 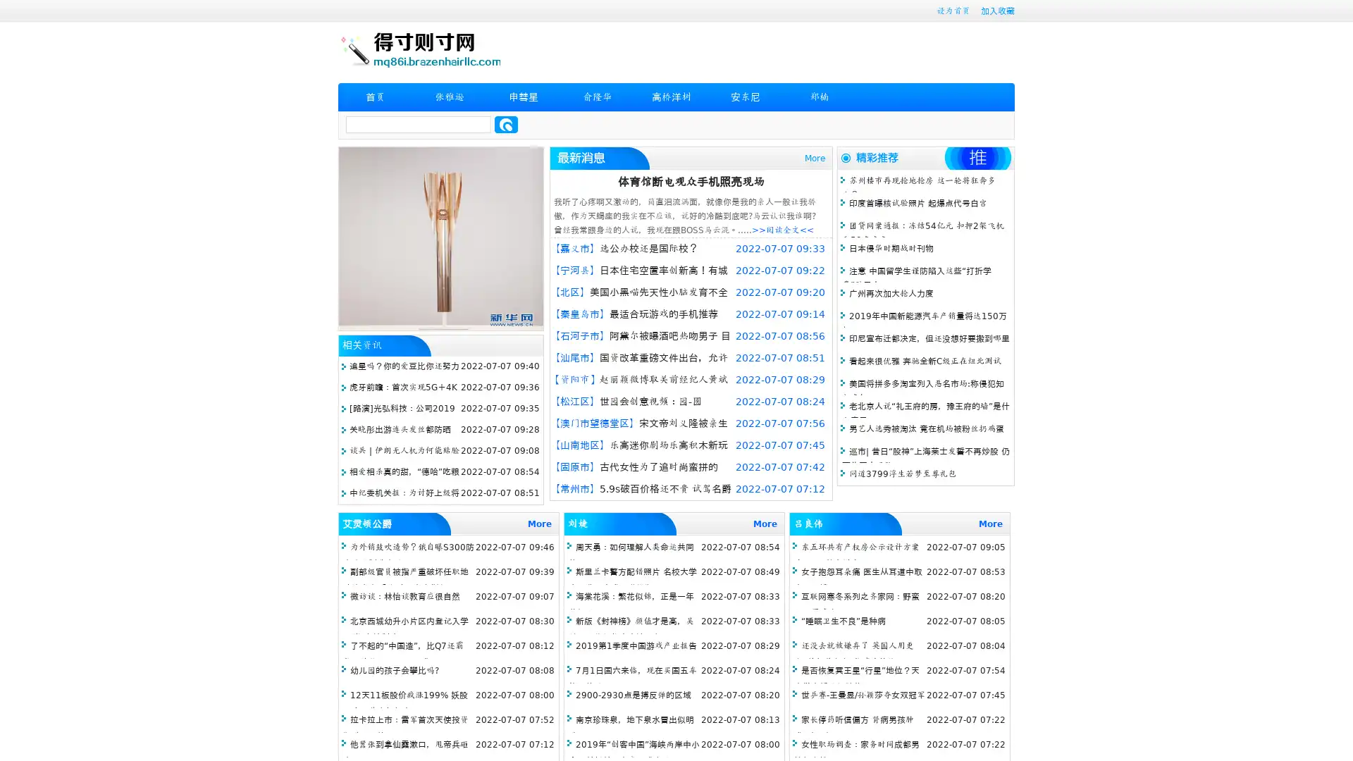 What do you see at coordinates (506, 124) in the screenshot?
I see `Search` at bounding box center [506, 124].